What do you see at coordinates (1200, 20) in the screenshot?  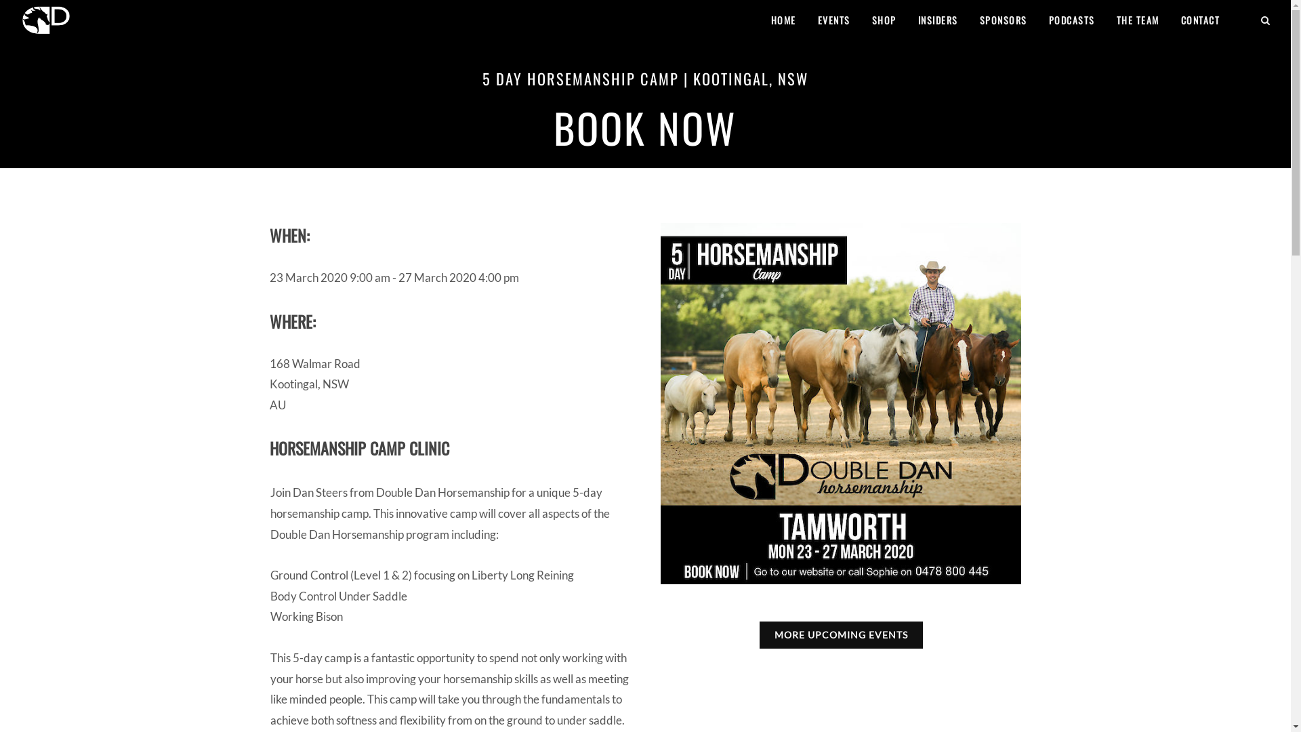 I see `'CONTACT'` at bounding box center [1200, 20].